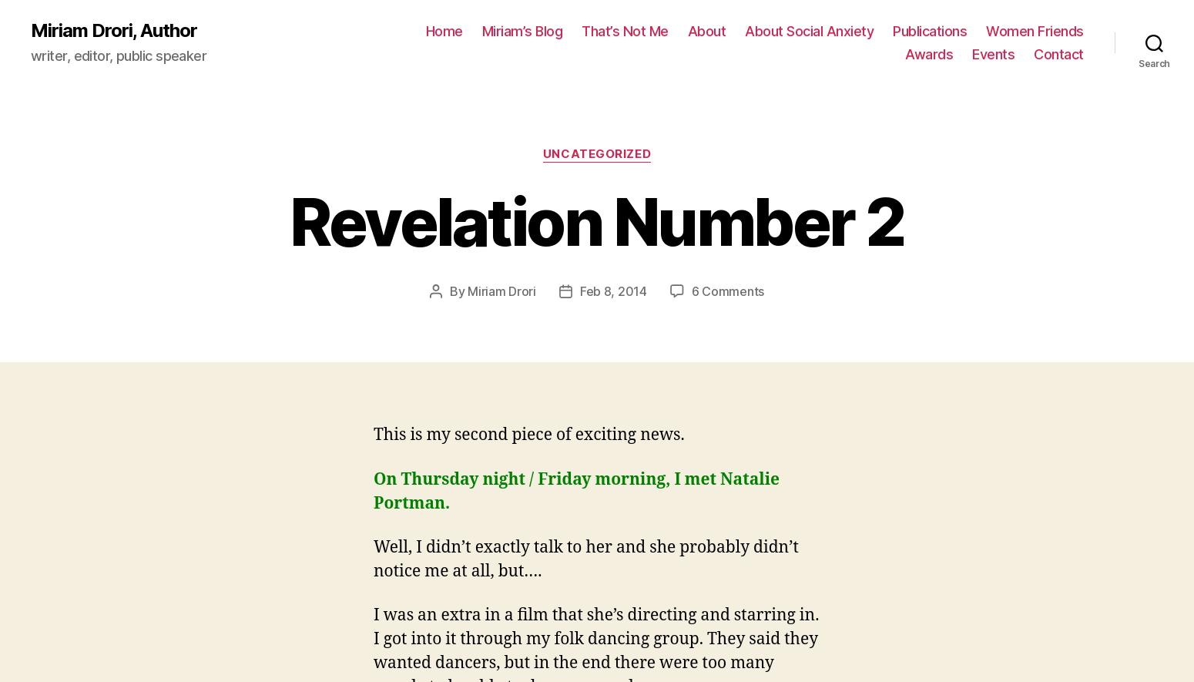  What do you see at coordinates (578, 625) in the screenshot?
I see `'It wasn’t boring because we chatted in between filming. But it was FREEZING!'` at bounding box center [578, 625].